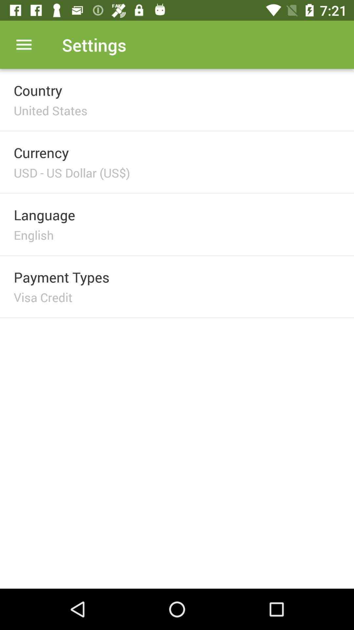  Describe the element at coordinates (24, 44) in the screenshot. I see `the icon above country` at that location.